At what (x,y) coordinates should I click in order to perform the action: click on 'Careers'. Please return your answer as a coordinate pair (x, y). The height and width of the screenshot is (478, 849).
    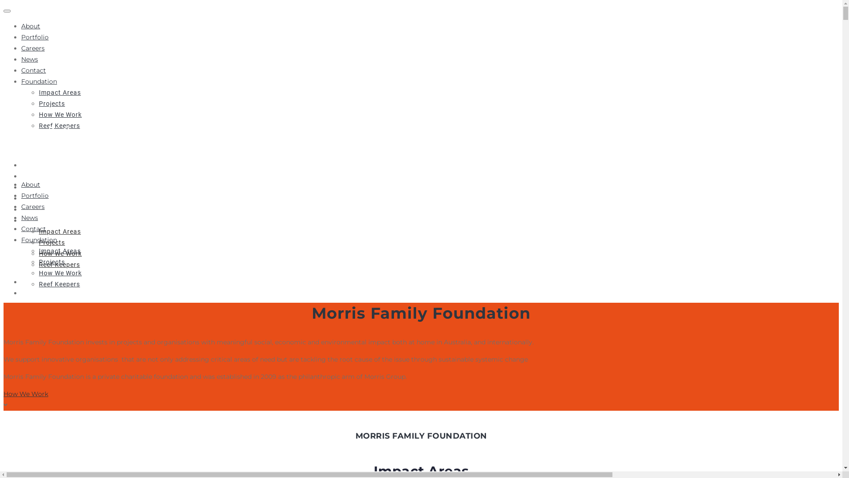
    Looking at the image, I should click on (33, 48).